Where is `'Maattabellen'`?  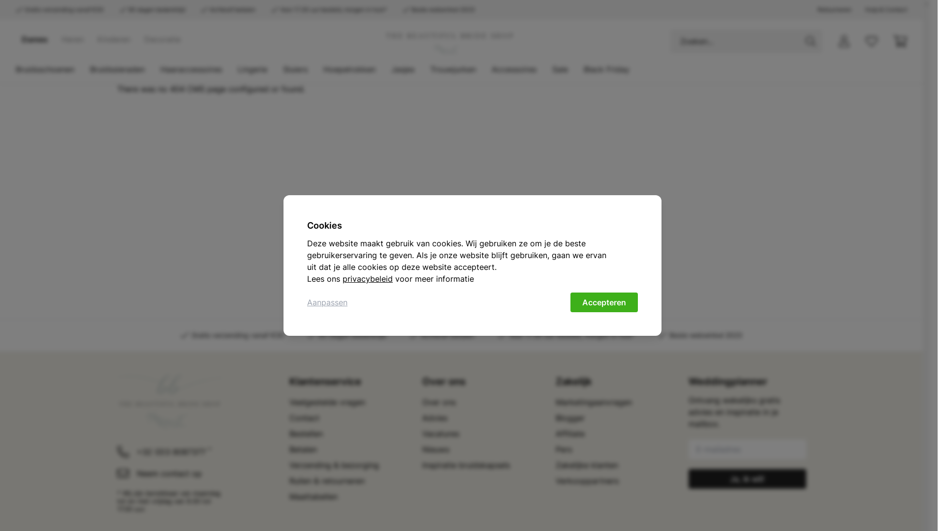 'Maattabellen' is located at coordinates (313, 497).